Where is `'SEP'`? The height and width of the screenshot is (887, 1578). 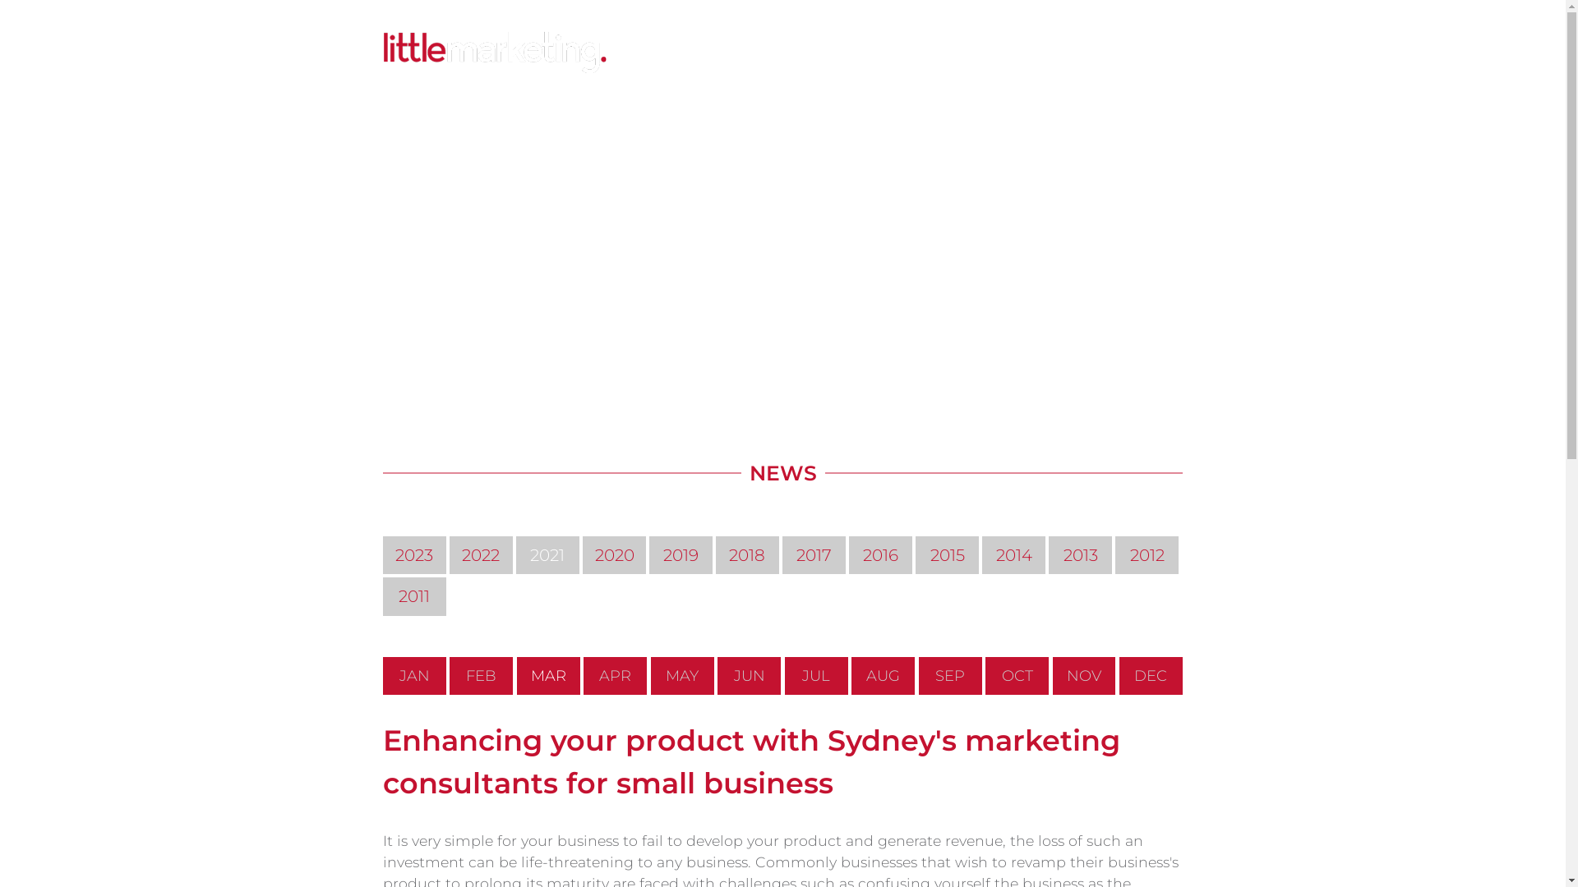 'SEP' is located at coordinates (918, 675).